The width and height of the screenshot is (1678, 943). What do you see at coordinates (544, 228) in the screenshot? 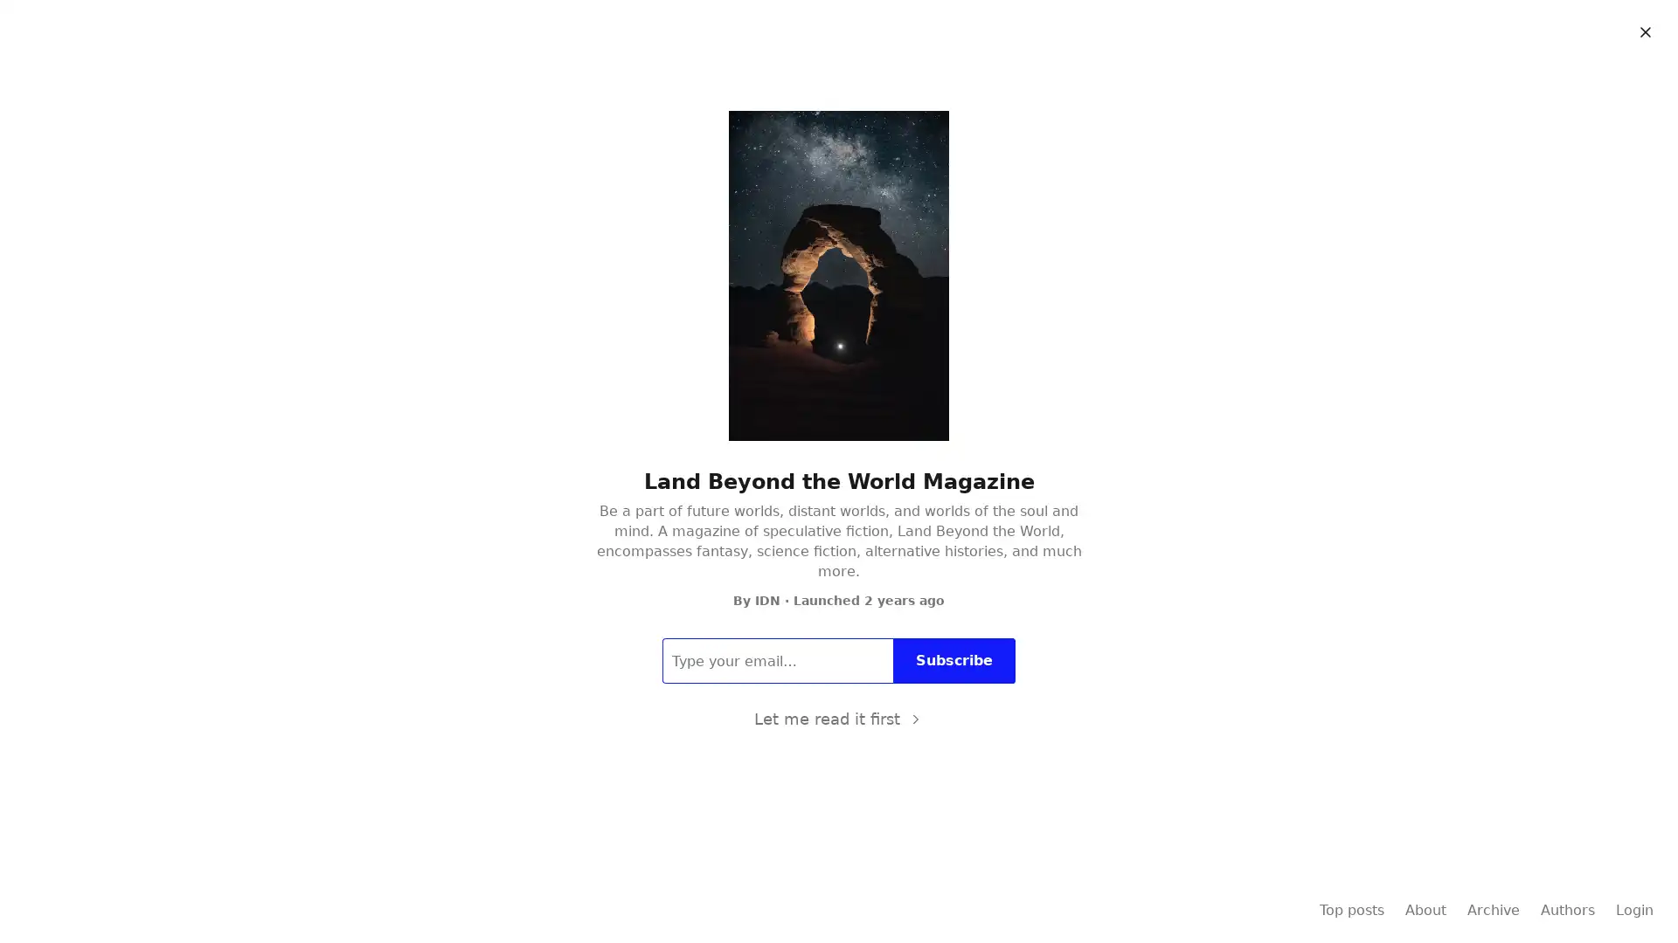
I see `2` at bounding box center [544, 228].